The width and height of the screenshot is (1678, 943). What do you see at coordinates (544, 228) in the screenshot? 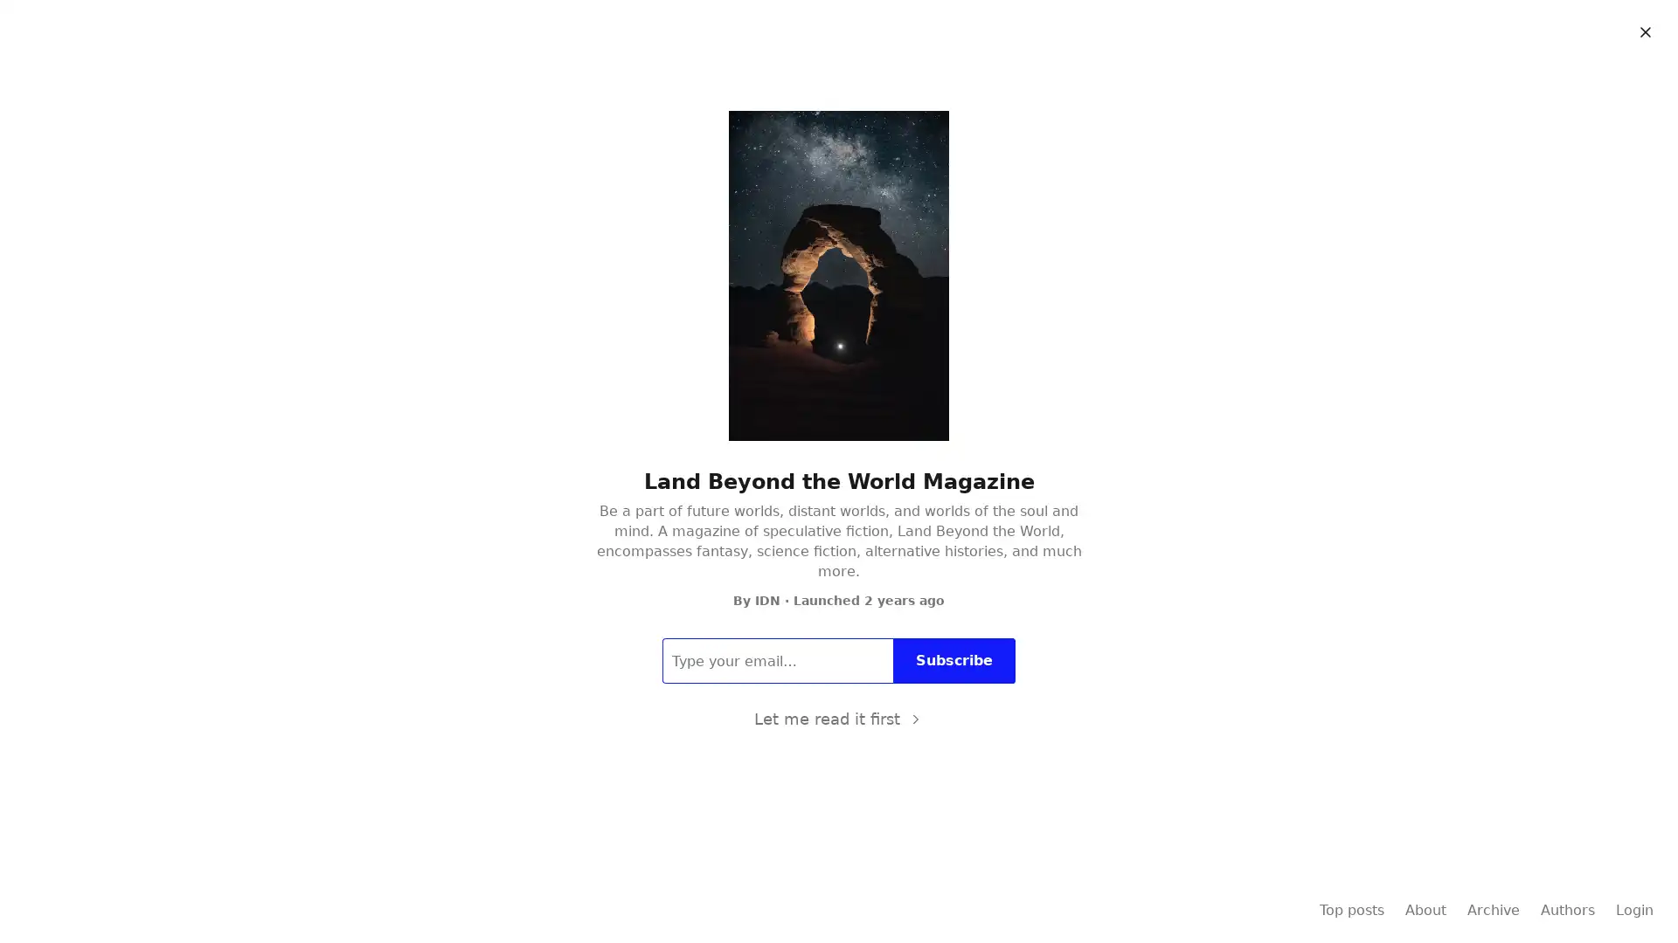
I see `2` at bounding box center [544, 228].